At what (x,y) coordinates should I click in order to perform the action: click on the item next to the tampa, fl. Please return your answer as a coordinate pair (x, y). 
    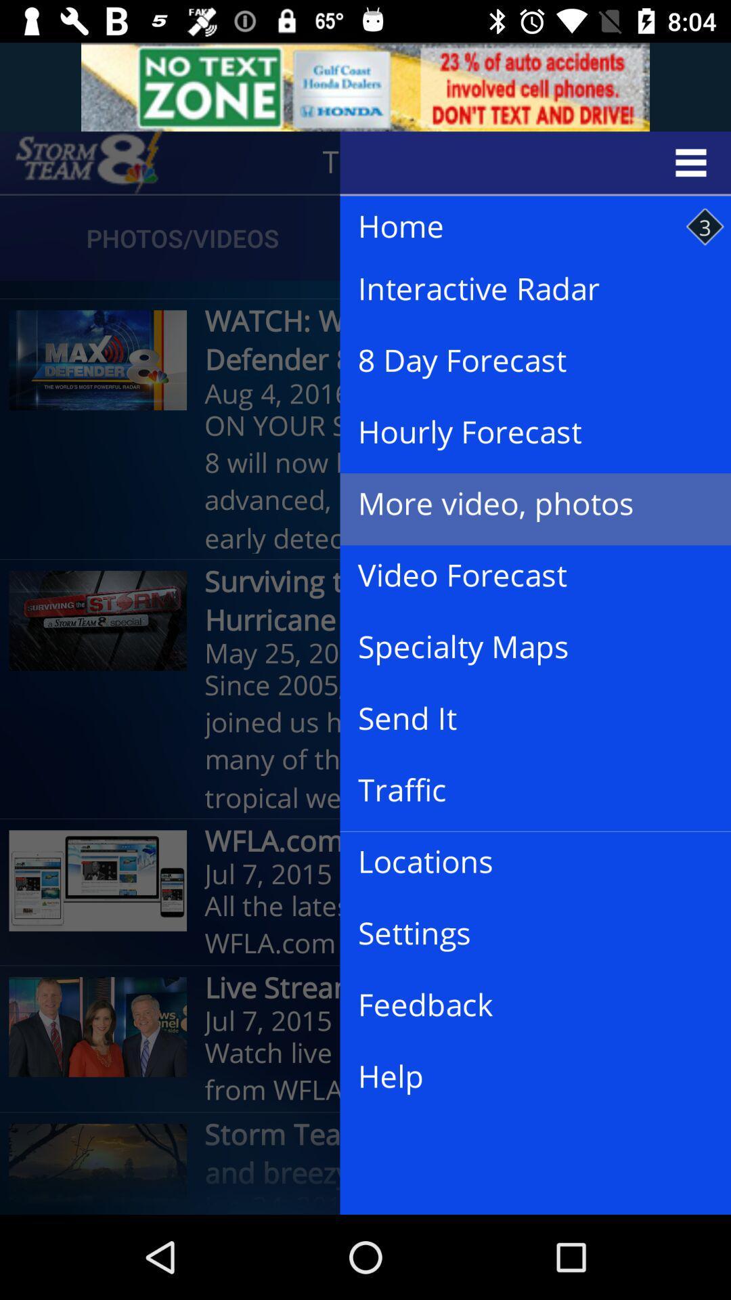
    Looking at the image, I should click on (89, 162).